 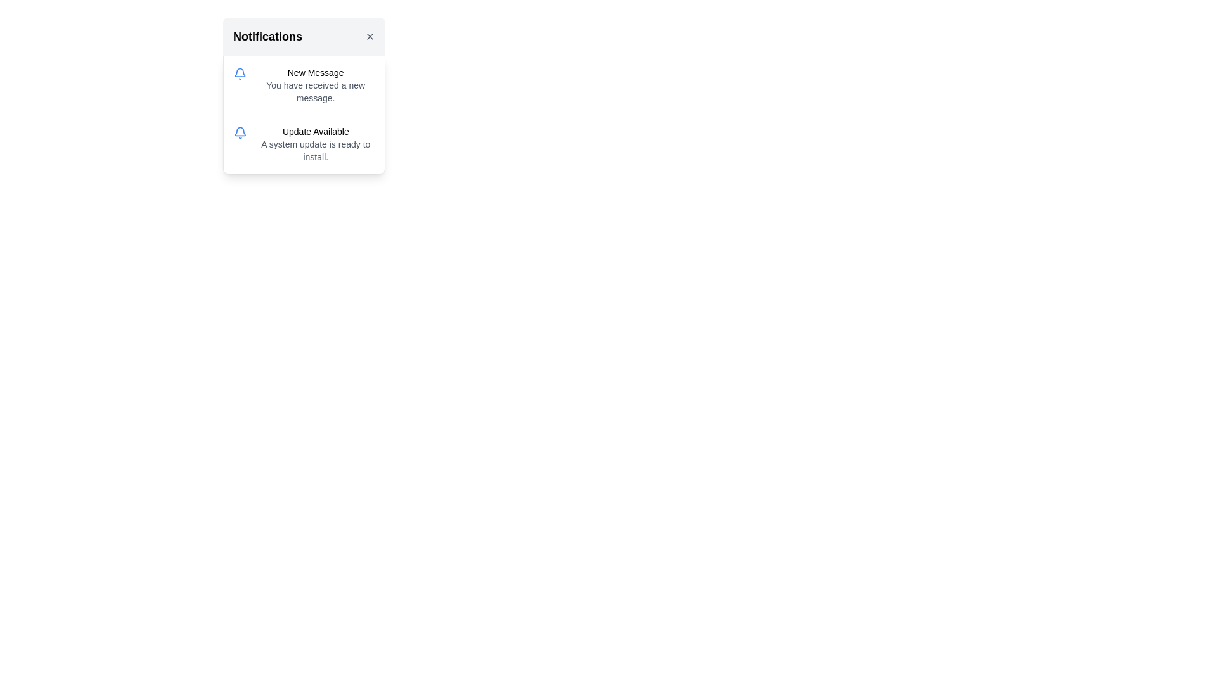 I want to click on the Notification card that displays information about a new message, which is the first entry in the list of notifications, so click(x=304, y=85).